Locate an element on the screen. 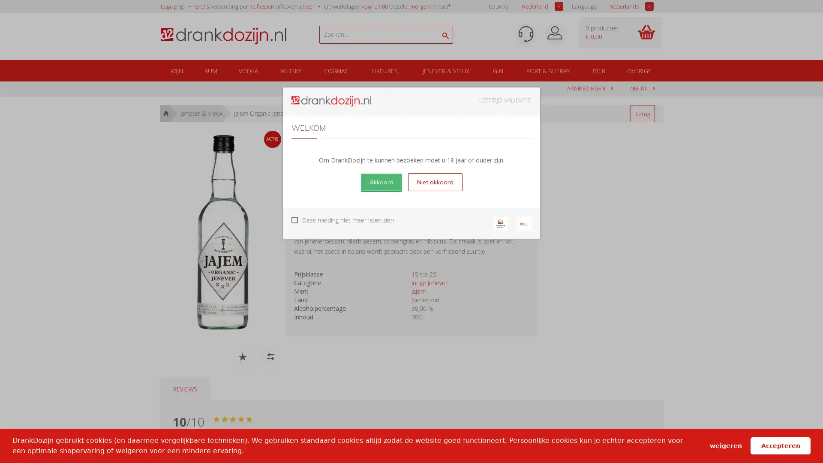 The height and width of the screenshot is (463, 823). Toevoegen is located at coordinates (492, 185).